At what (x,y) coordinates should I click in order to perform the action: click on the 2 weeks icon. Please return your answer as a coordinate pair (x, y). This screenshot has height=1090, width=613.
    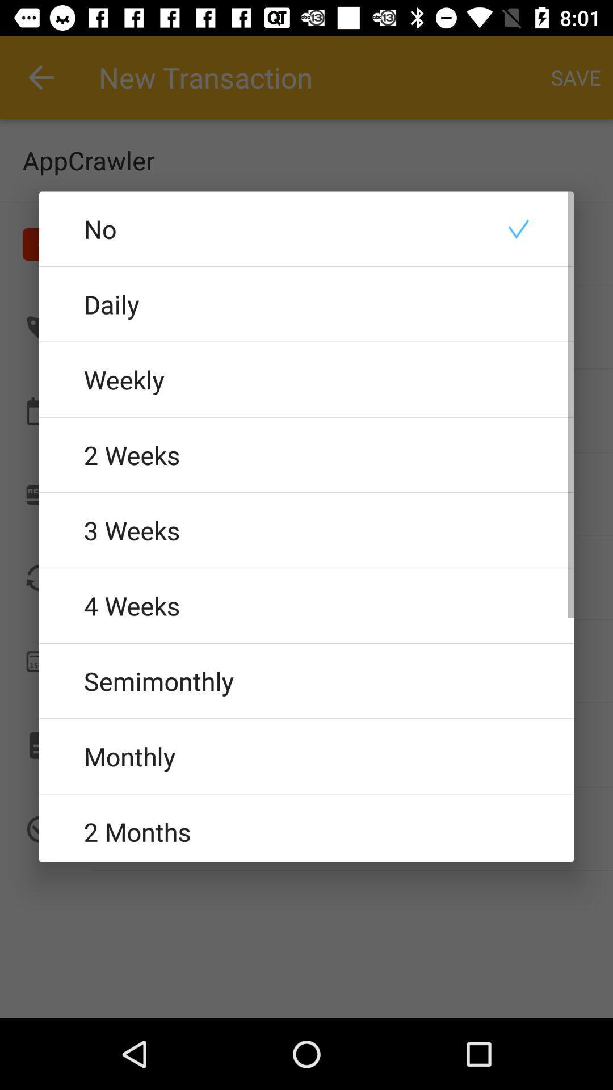
    Looking at the image, I should click on (306, 455).